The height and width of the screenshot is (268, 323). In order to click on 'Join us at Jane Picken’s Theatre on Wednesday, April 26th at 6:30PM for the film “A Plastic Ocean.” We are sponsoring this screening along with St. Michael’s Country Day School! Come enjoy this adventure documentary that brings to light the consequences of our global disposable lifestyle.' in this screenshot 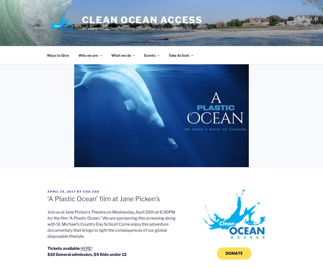, I will do `click(111, 224)`.